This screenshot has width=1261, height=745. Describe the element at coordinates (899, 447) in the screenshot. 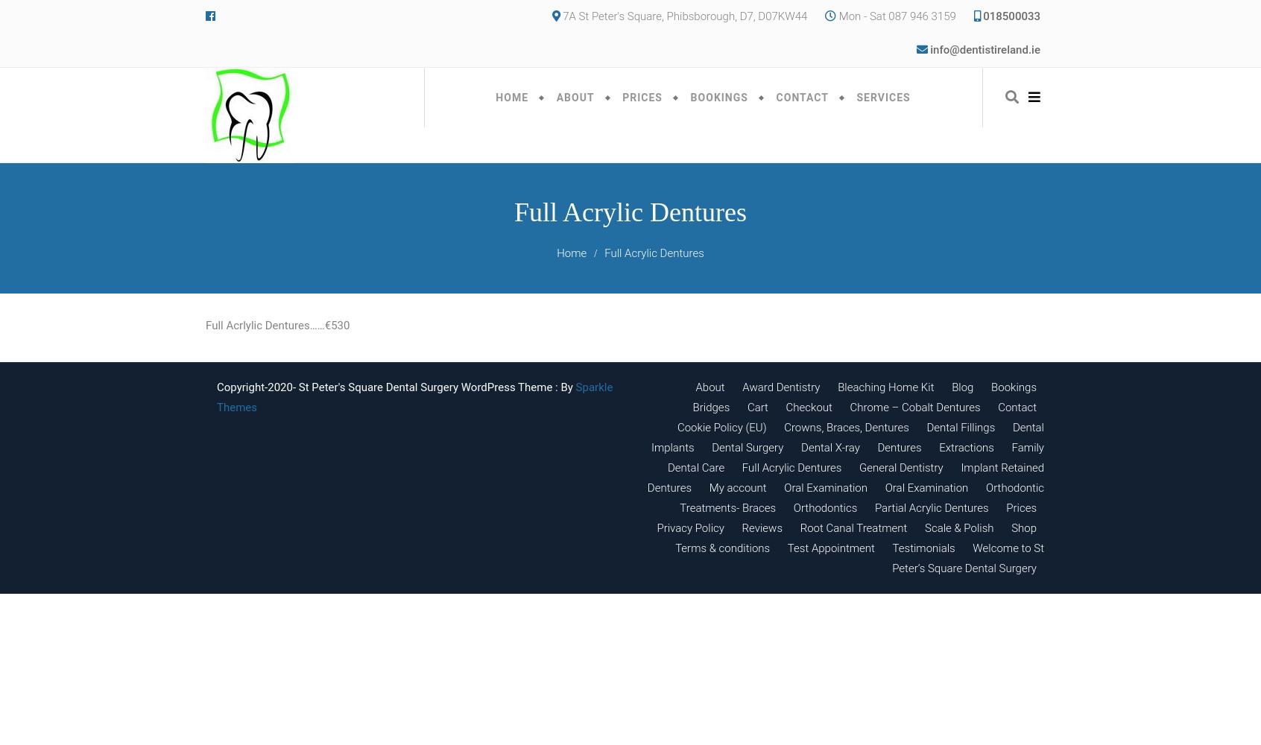

I see `'Dentures'` at that location.